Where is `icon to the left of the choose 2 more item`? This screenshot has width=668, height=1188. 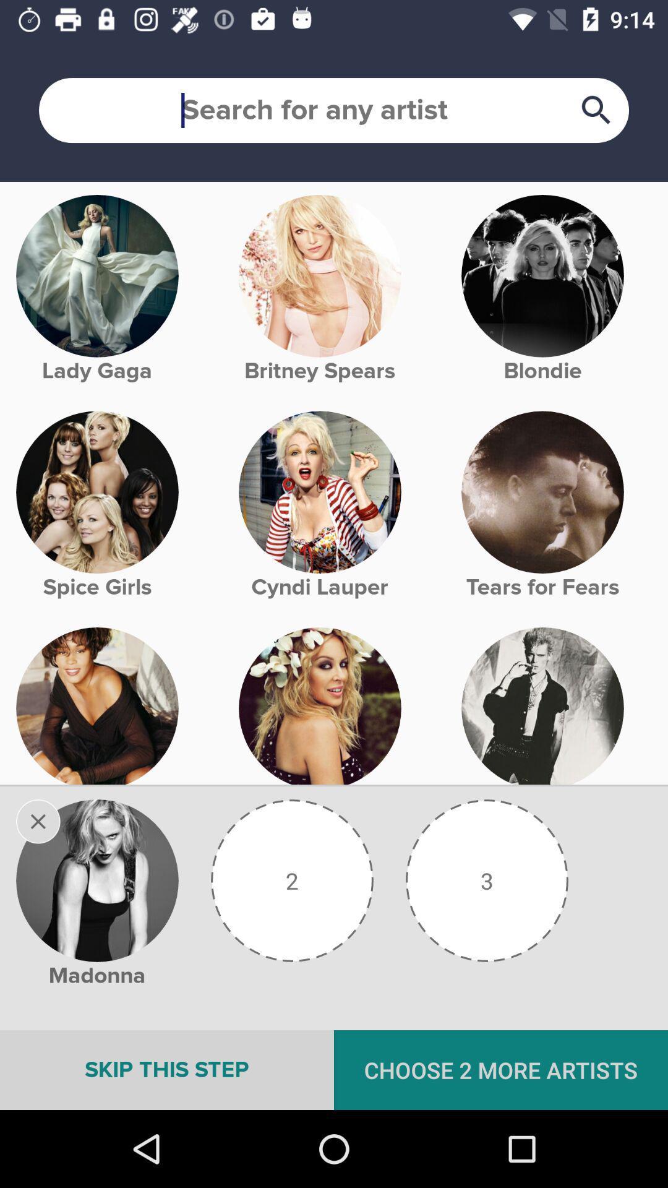 icon to the left of the choose 2 more item is located at coordinates (167, 1069).